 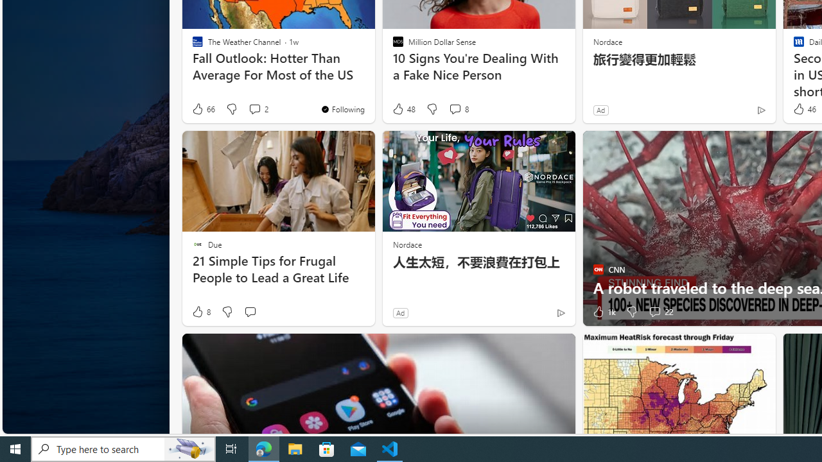 What do you see at coordinates (403, 108) in the screenshot?
I see `'48 Like'` at bounding box center [403, 108].